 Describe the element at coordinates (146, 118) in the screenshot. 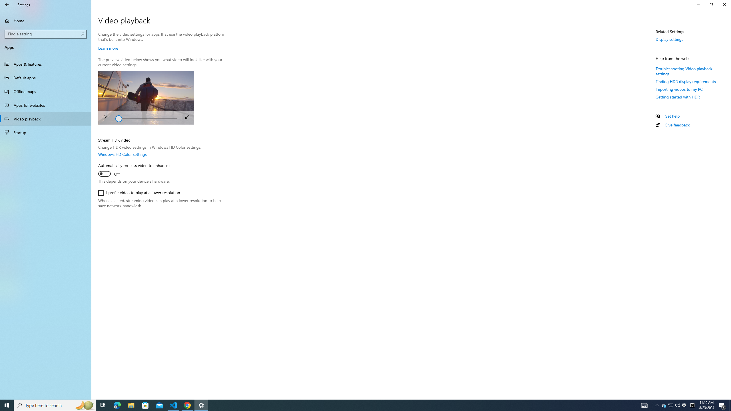

I see `'Seek'` at that location.